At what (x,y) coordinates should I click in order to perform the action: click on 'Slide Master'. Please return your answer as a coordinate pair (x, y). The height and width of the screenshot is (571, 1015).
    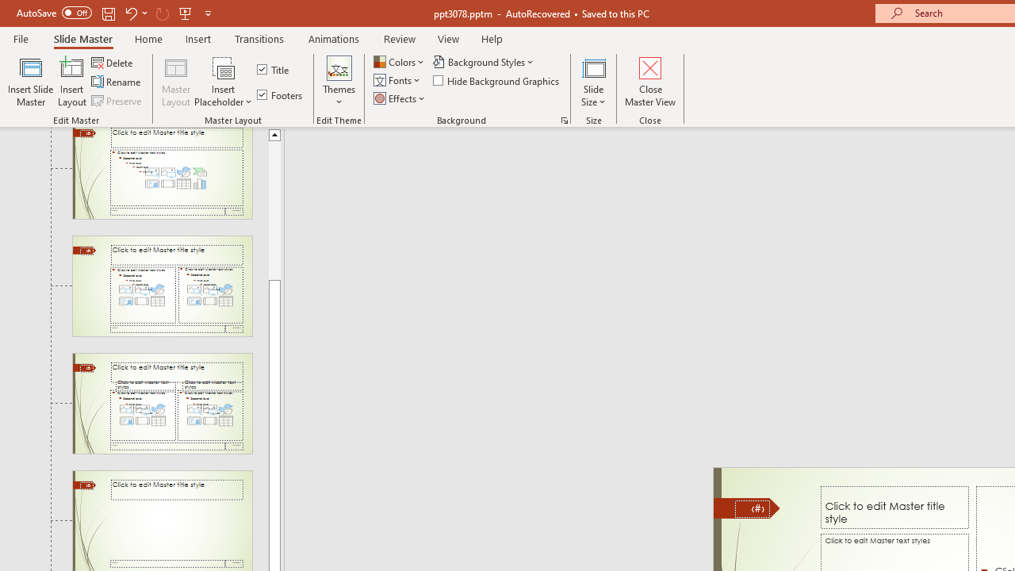
    Looking at the image, I should click on (82, 38).